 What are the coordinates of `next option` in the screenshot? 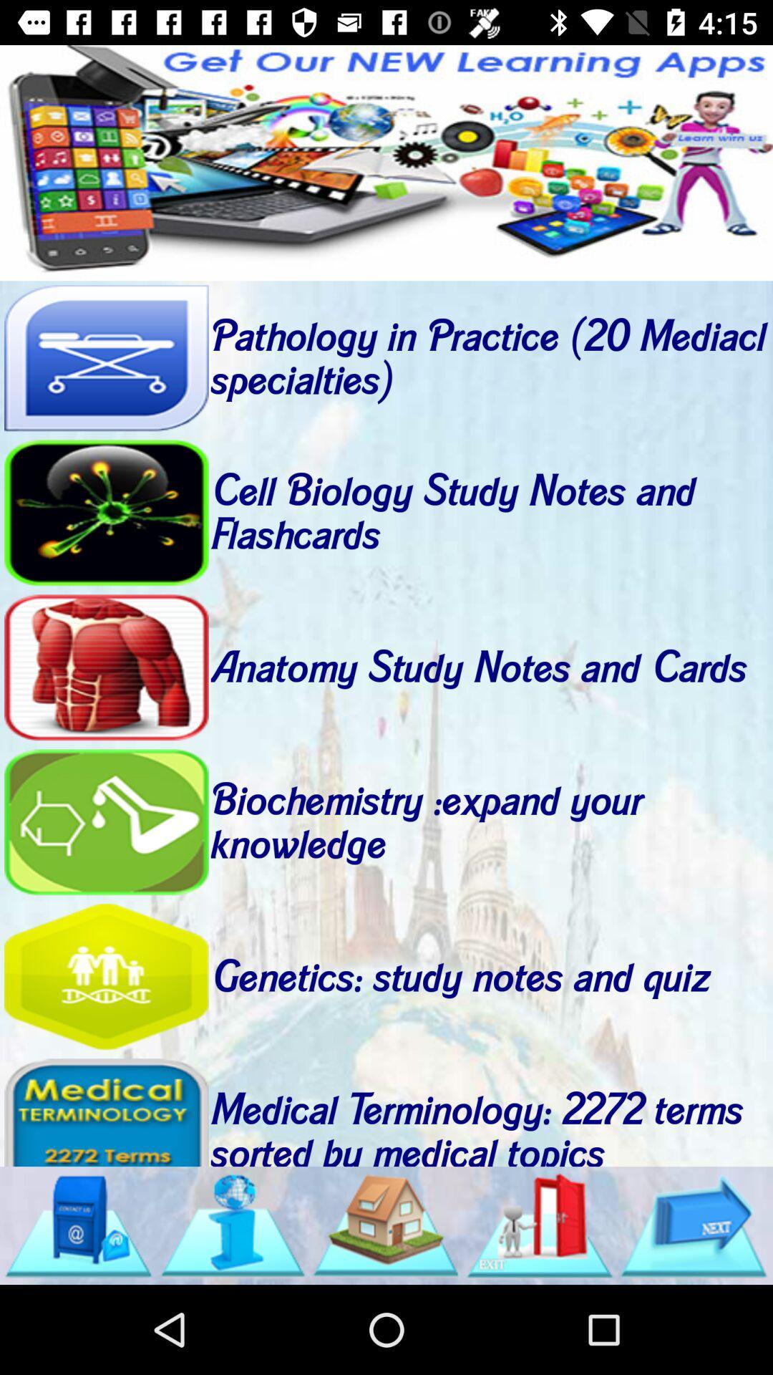 It's located at (693, 1225).